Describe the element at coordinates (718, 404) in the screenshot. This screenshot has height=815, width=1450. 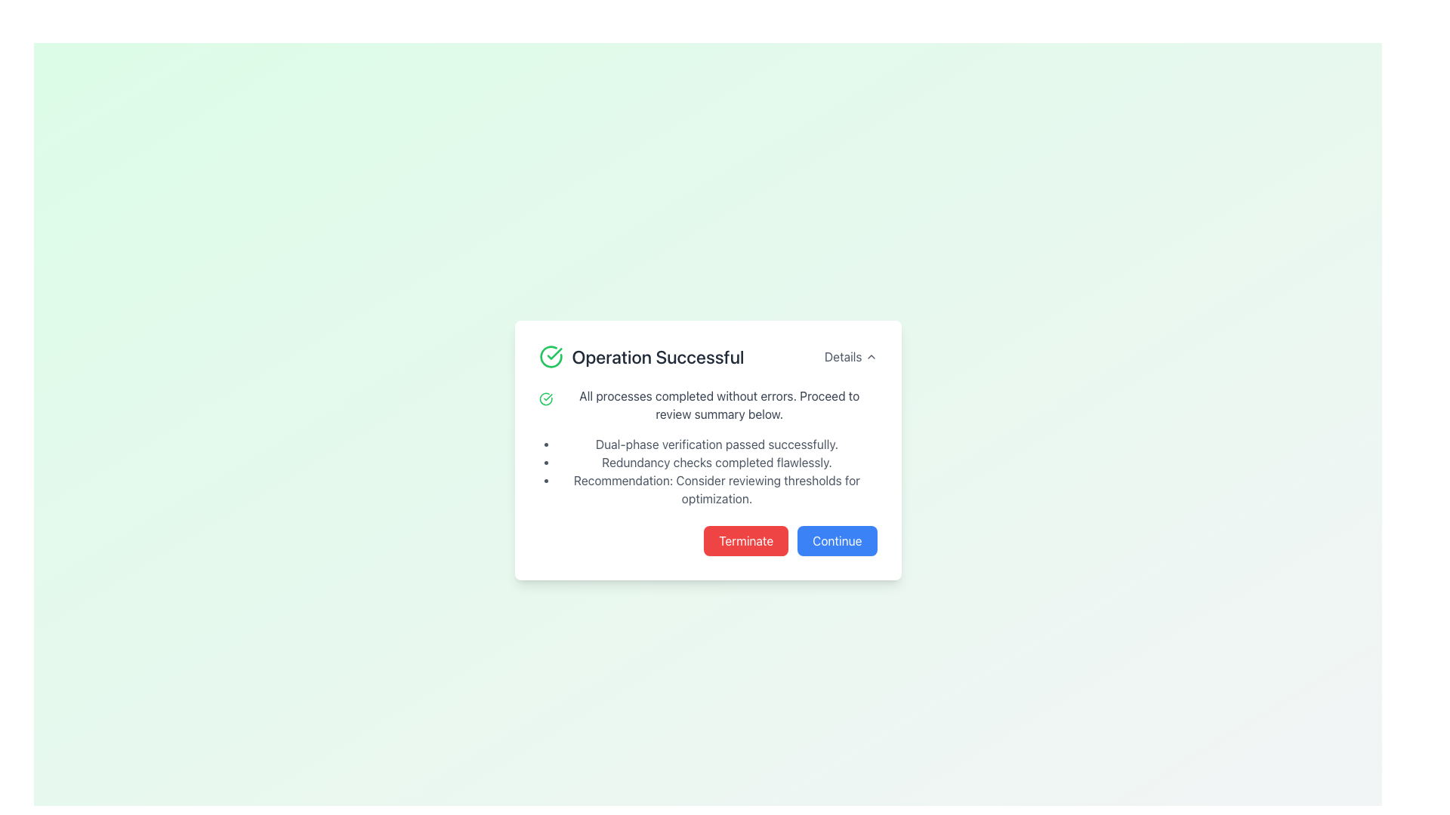
I see `the static text element that displays a summary message indicating the successful completion of processes, located below the checkmark icon and the title 'Operation Successful.'` at that location.